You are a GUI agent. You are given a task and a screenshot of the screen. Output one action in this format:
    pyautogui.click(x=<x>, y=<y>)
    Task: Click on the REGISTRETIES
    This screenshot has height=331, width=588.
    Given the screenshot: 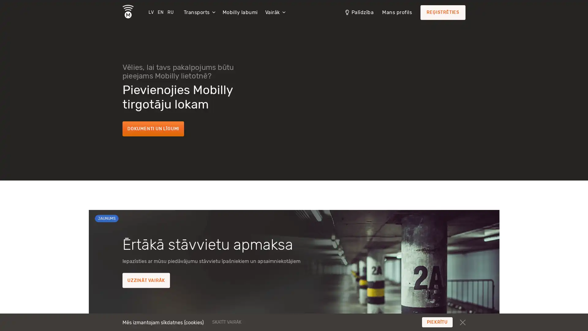 What is the action you would take?
    pyautogui.click(x=443, y=13)
    